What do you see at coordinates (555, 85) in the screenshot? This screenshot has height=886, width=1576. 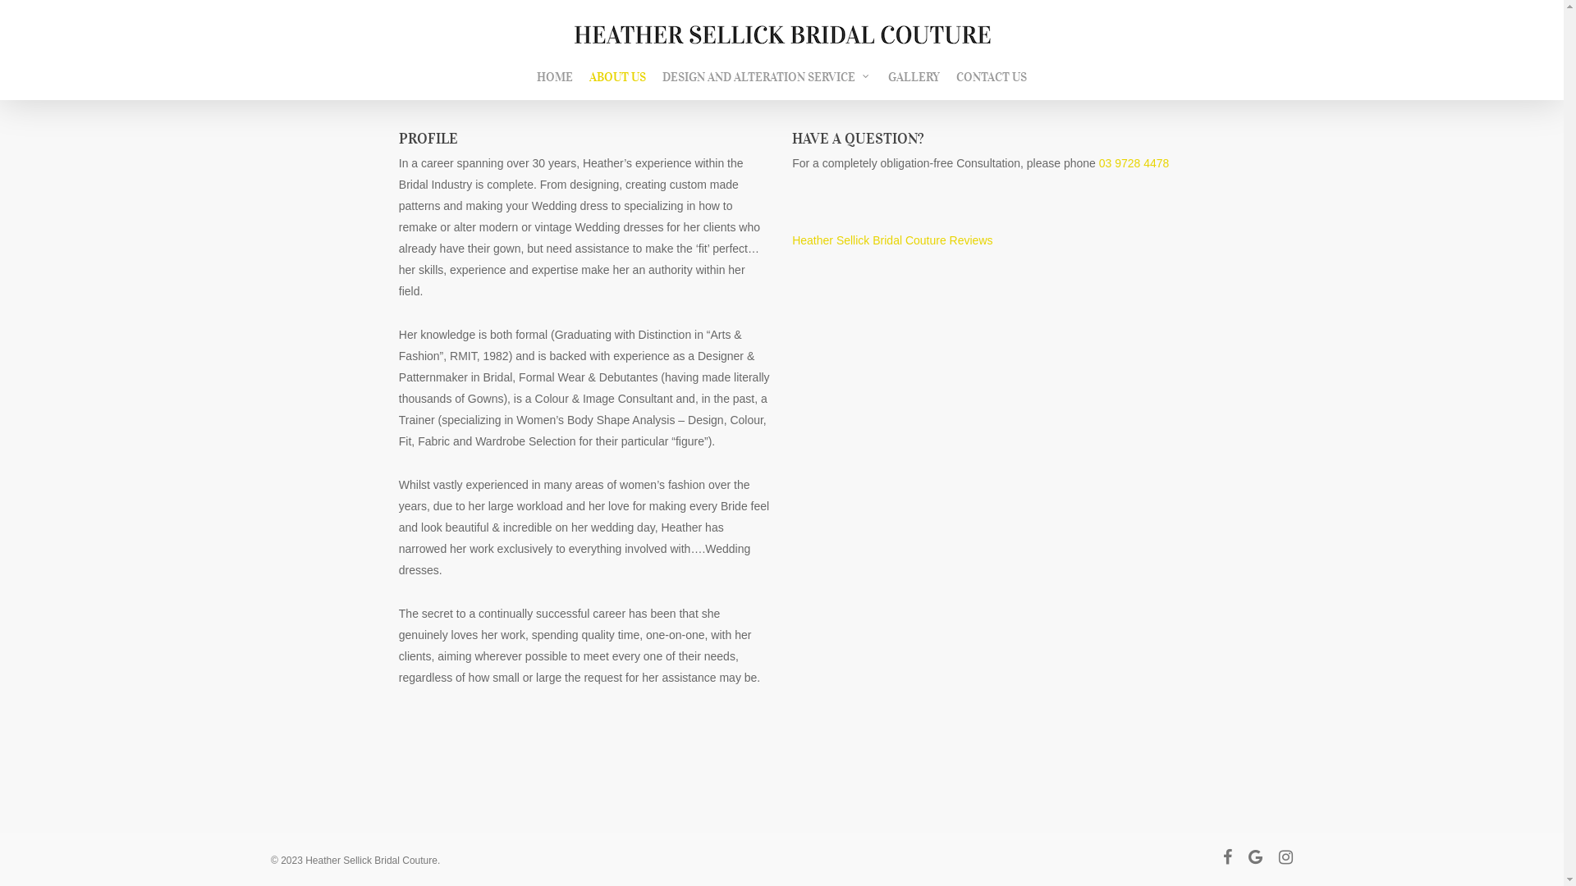 I see `'HOME'` at bounding box center [555, 85].